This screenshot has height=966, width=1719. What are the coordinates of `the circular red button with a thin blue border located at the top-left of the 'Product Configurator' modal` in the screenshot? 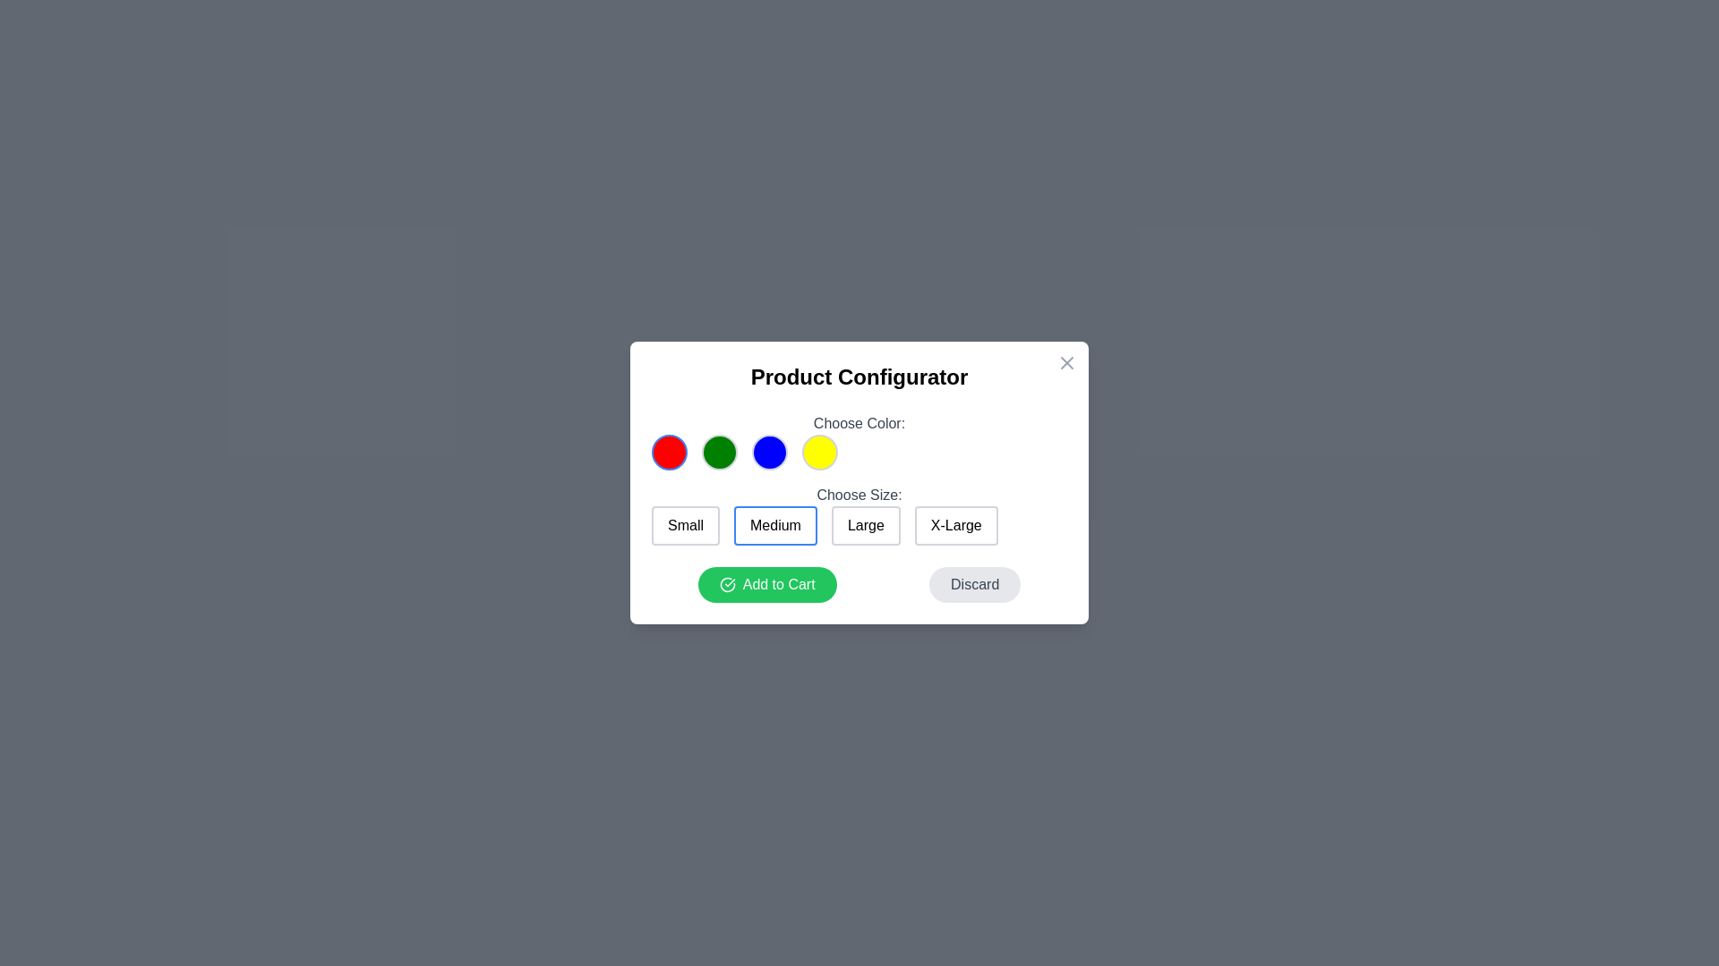 It's located at (669, 451).